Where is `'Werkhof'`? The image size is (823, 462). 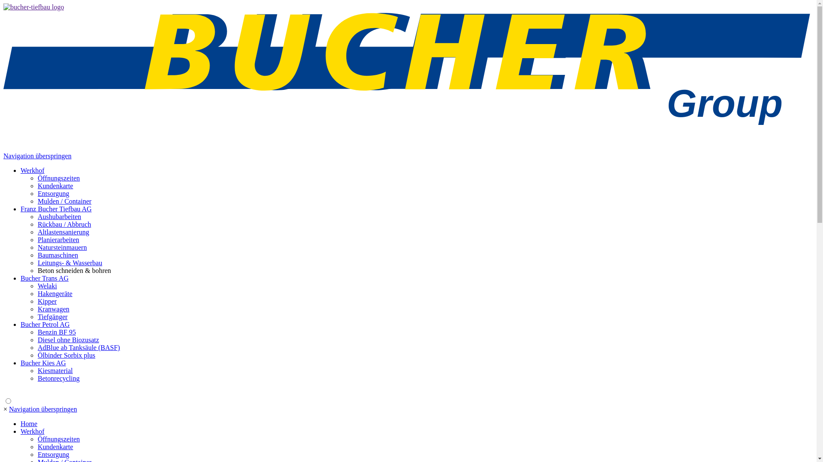
'Werkhof' is located at coordinates (21, 431).